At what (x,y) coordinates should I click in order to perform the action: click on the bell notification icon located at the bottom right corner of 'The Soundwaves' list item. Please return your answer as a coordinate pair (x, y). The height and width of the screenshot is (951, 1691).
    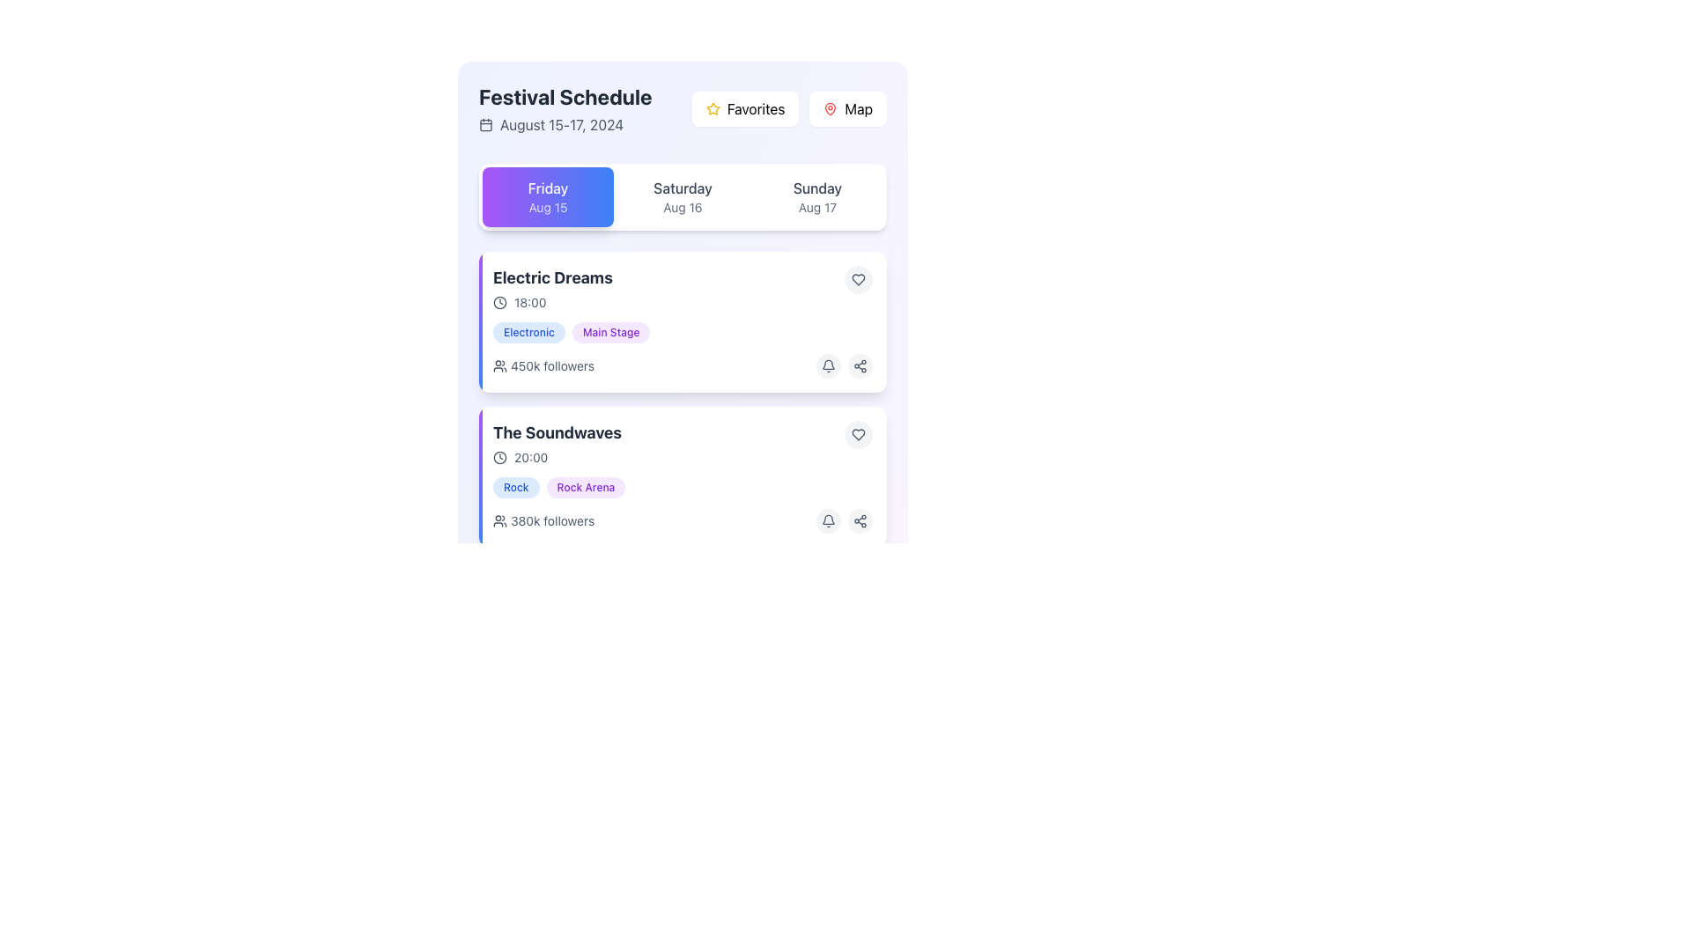
    Looking at the image, I should click on (827, 365).